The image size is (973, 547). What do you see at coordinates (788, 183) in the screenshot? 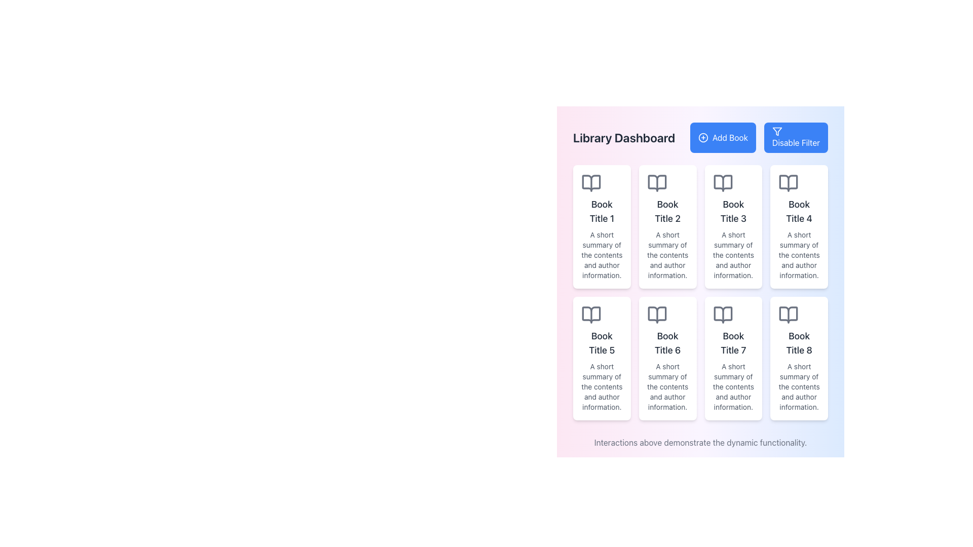
I see `the book icon located at the top-left corner of the card displaying 'Book Title 4'` at bounding box center [788, 183].